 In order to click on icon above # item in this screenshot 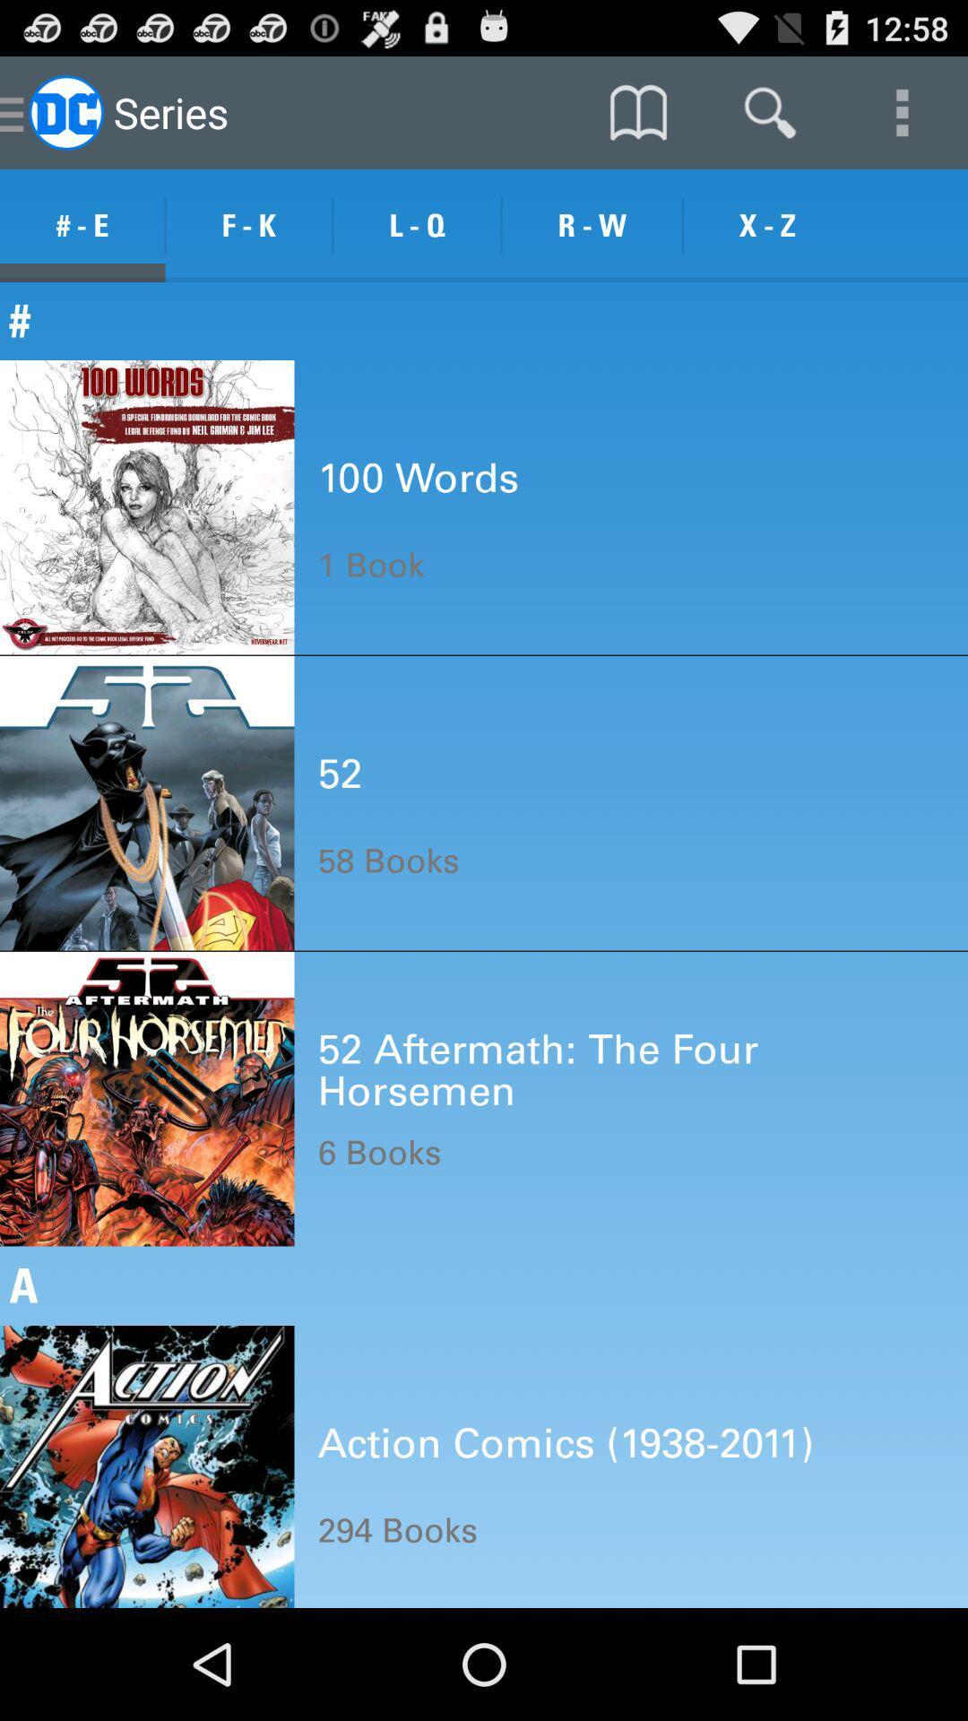, I will do `click(766, 225)`.